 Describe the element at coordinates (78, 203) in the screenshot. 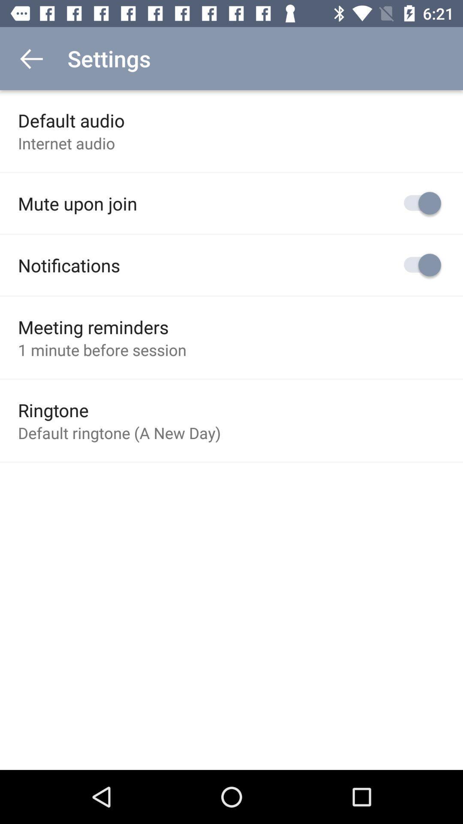

I see `mute upon join` at that location.